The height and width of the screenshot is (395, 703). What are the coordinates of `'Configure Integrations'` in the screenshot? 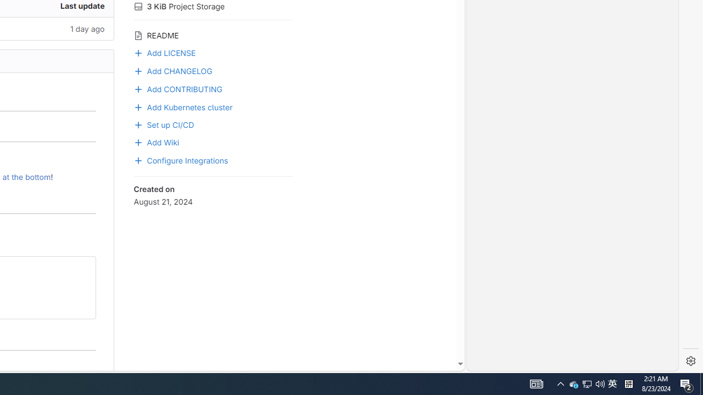 It's located at (181, 160).